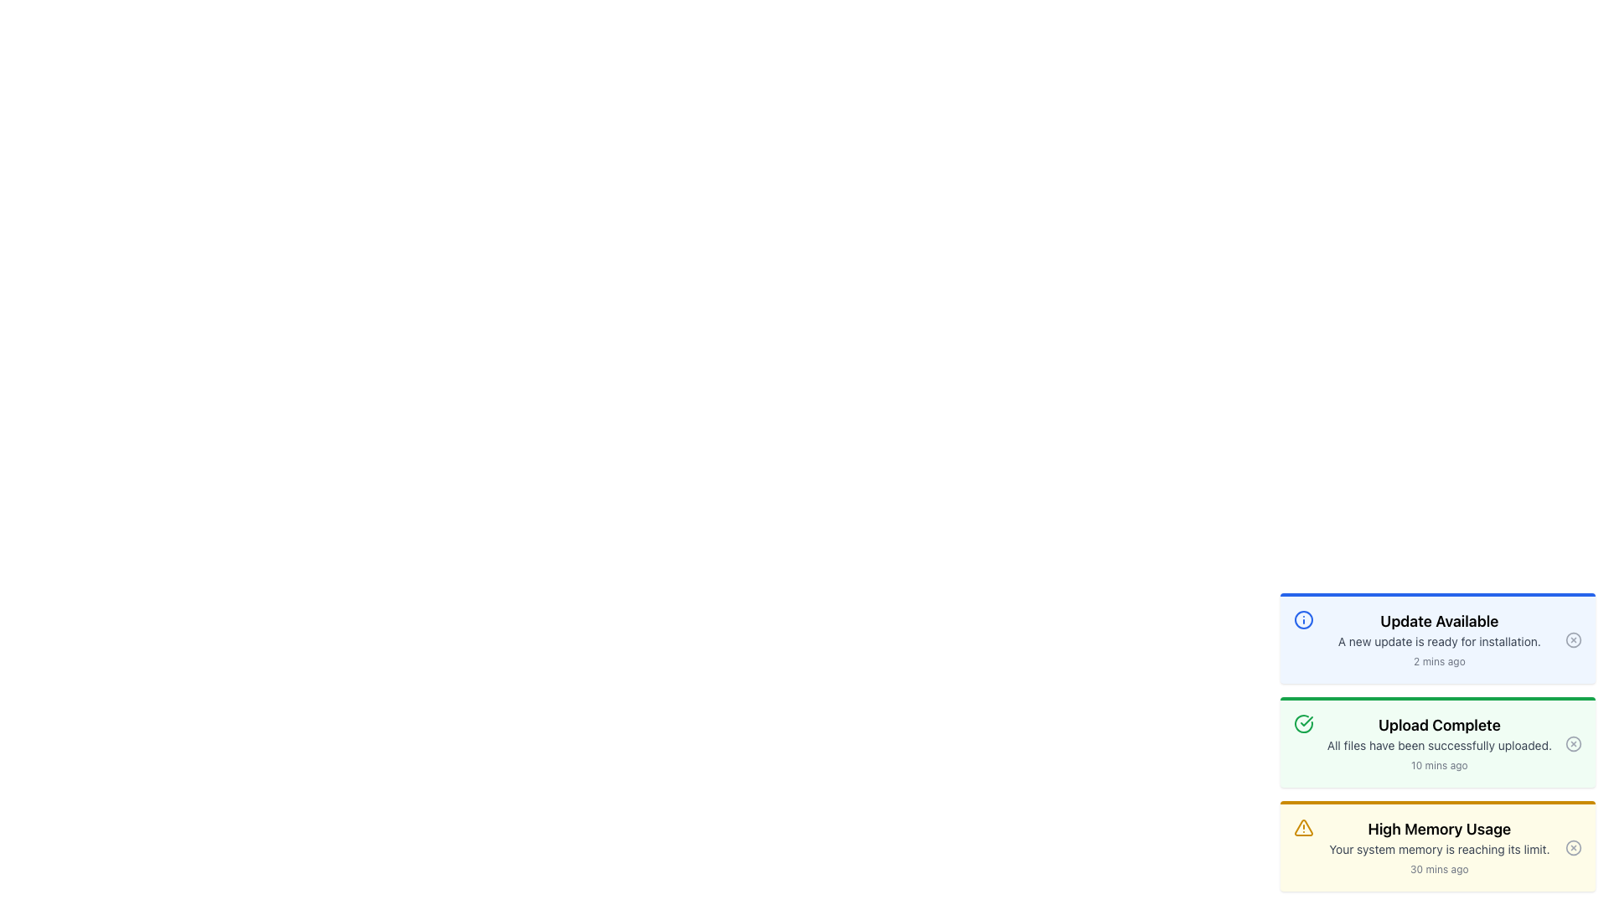  Describe the element at coordinates (1572, 847) in the screenshot. I see `the SVG circle element with a radius of 10 units, located within the interactive icon of the 'High Memory Usage' notification card at the top right corner` at that location.